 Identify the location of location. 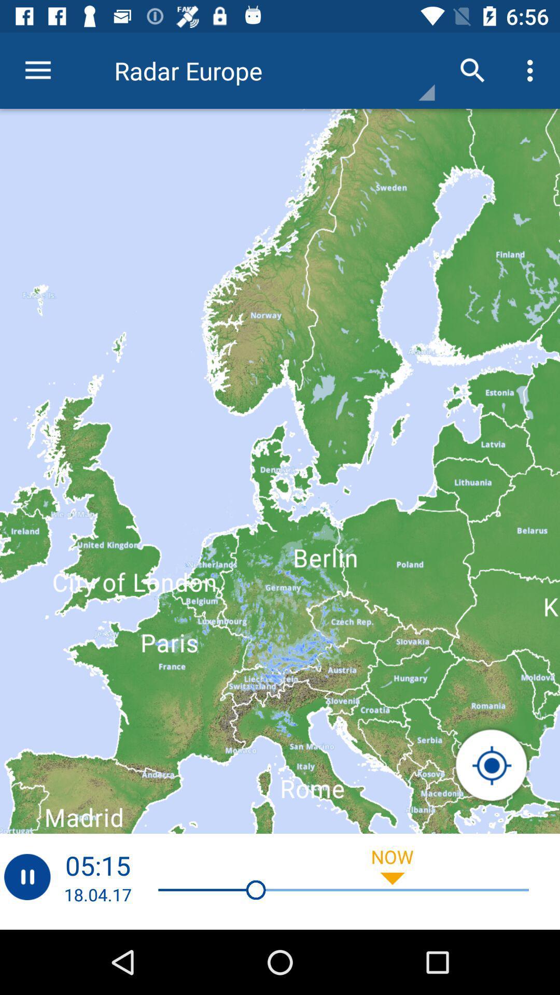
(491, 765).